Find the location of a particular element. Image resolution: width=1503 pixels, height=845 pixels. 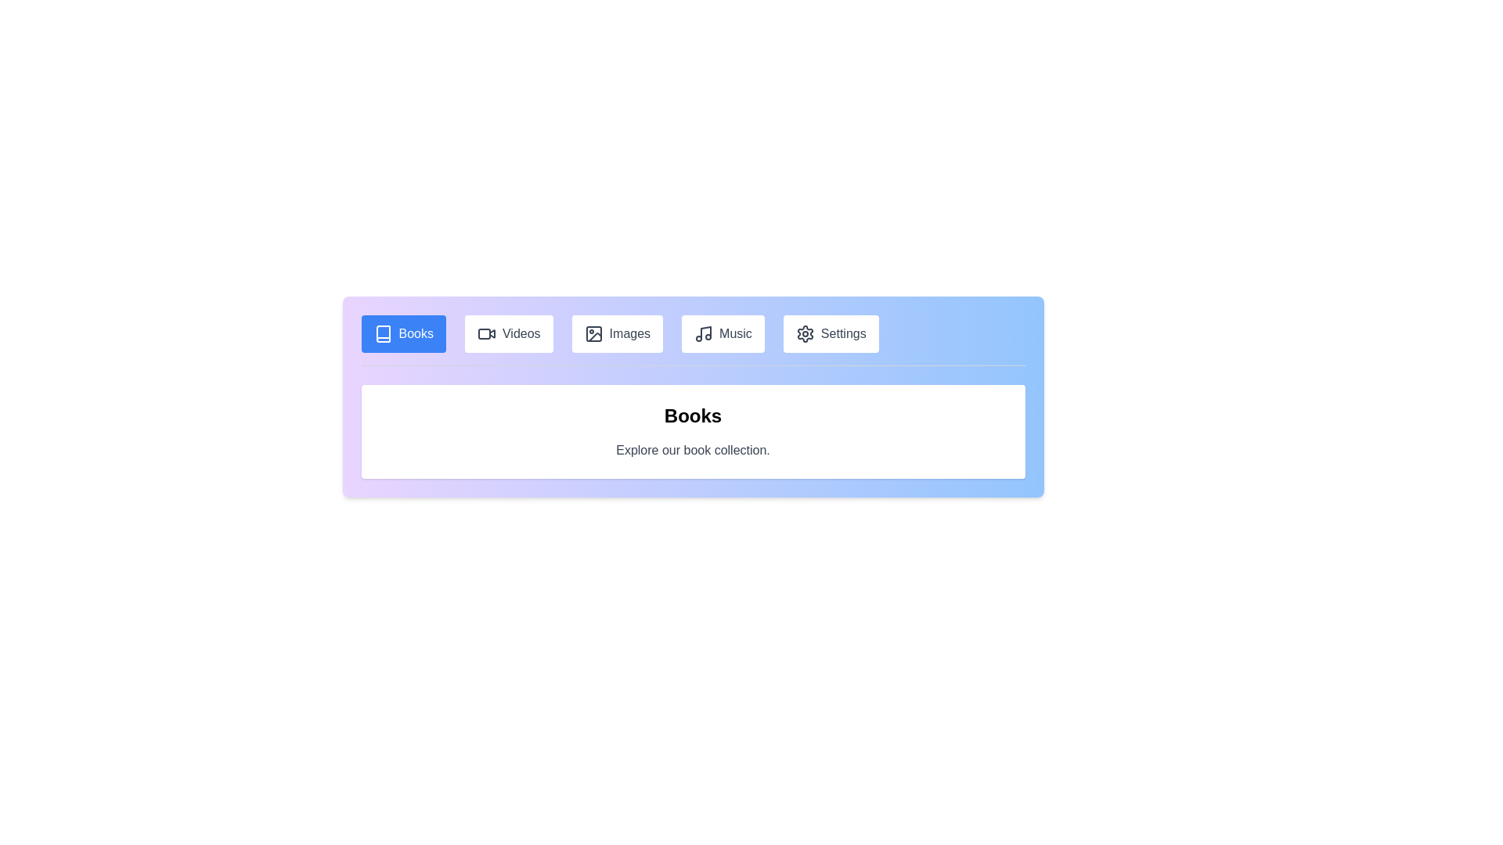

the Music tab by clicking on its button is located at coordinates (721, 333).